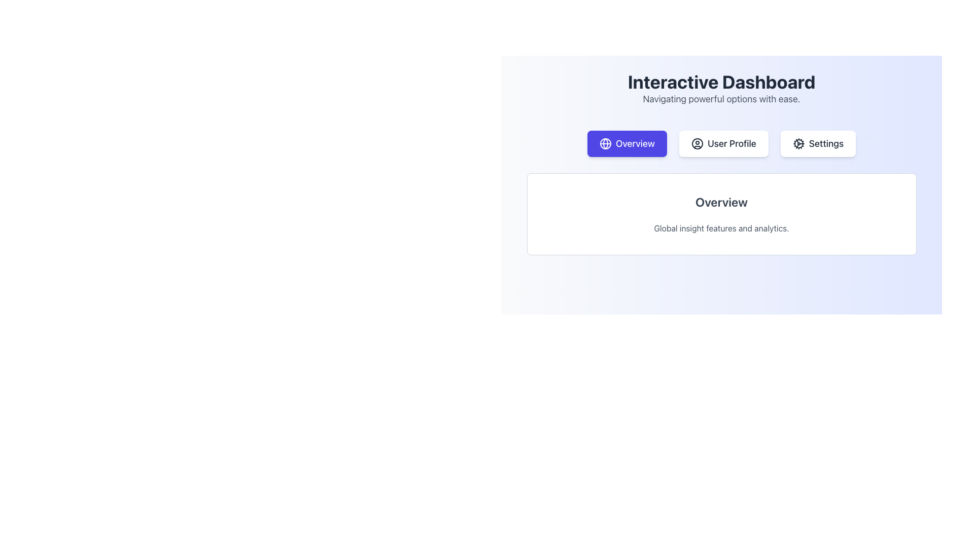  Describe the element at coordinates (721, 89) in the screenshot. I see `text content of the header element located at the top of the dashboard, which describes the purpose and functionality of the page` at that location.